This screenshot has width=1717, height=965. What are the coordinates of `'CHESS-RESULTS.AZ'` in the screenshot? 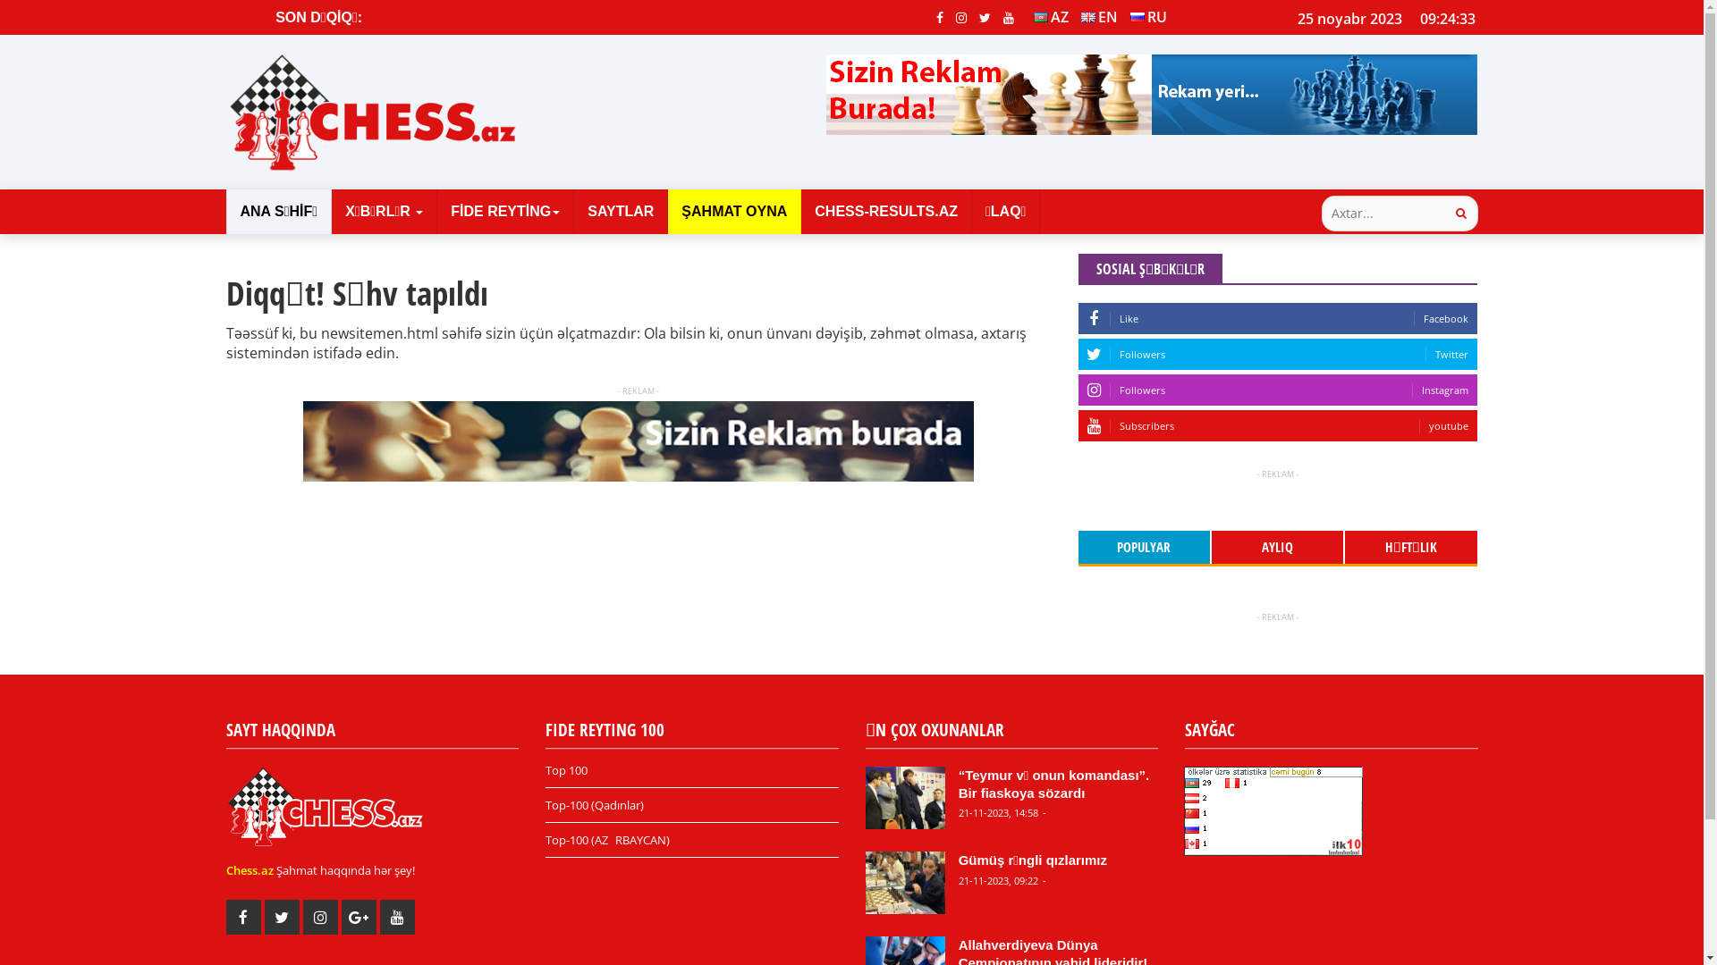 It's located at (886, 210).